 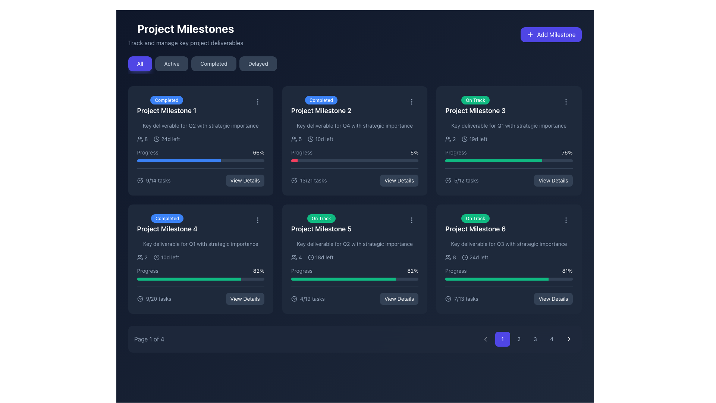 What do you see at coordinates (465, 257) in the screenshot?
I see `the clock icon depicting a minimal clock face with hands, located in the 'Project Milestone 6' card, to the right of the user count icon and preceding the '24d left' text` at bounding box center [465, 257].